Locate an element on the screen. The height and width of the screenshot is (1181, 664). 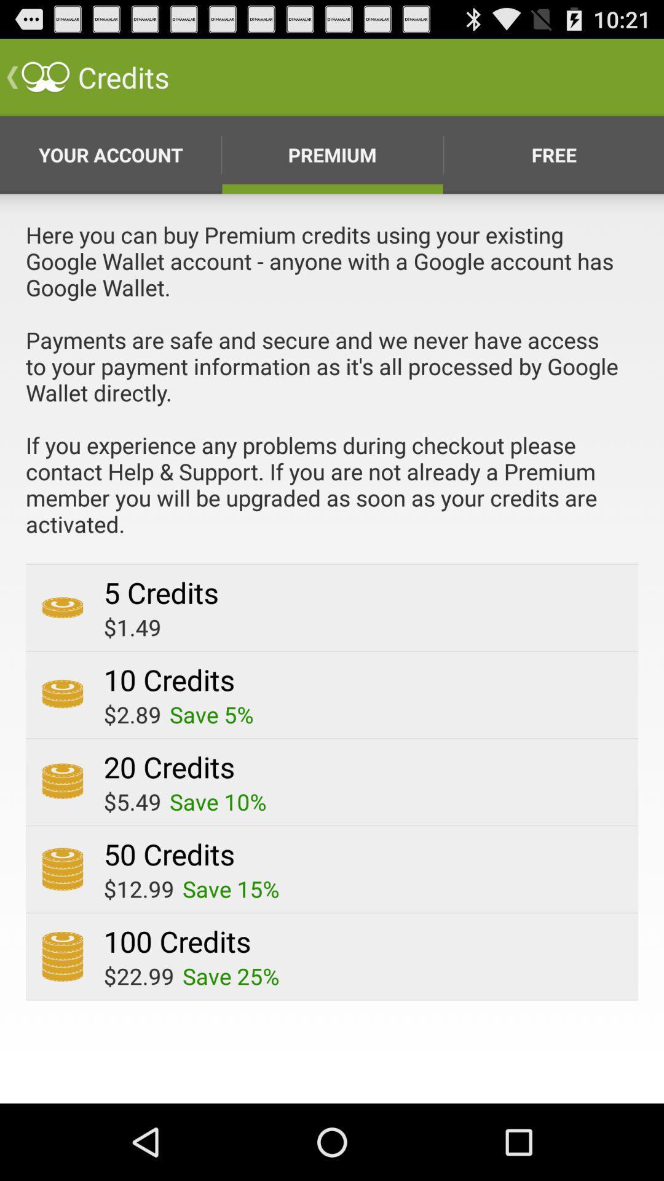
the save 15% is located at coordinates (231, 889).